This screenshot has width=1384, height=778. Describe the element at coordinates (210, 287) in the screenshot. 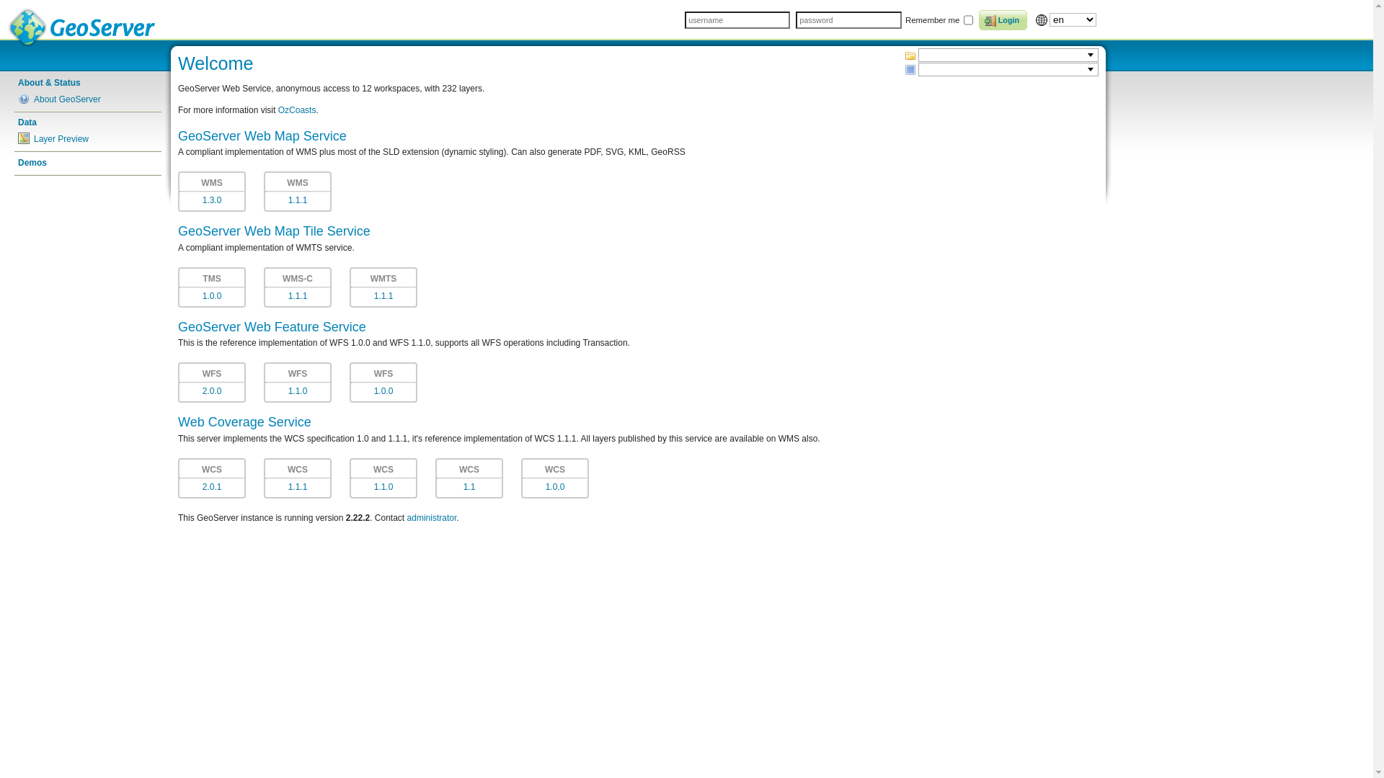

I see `'TMS` at that location.